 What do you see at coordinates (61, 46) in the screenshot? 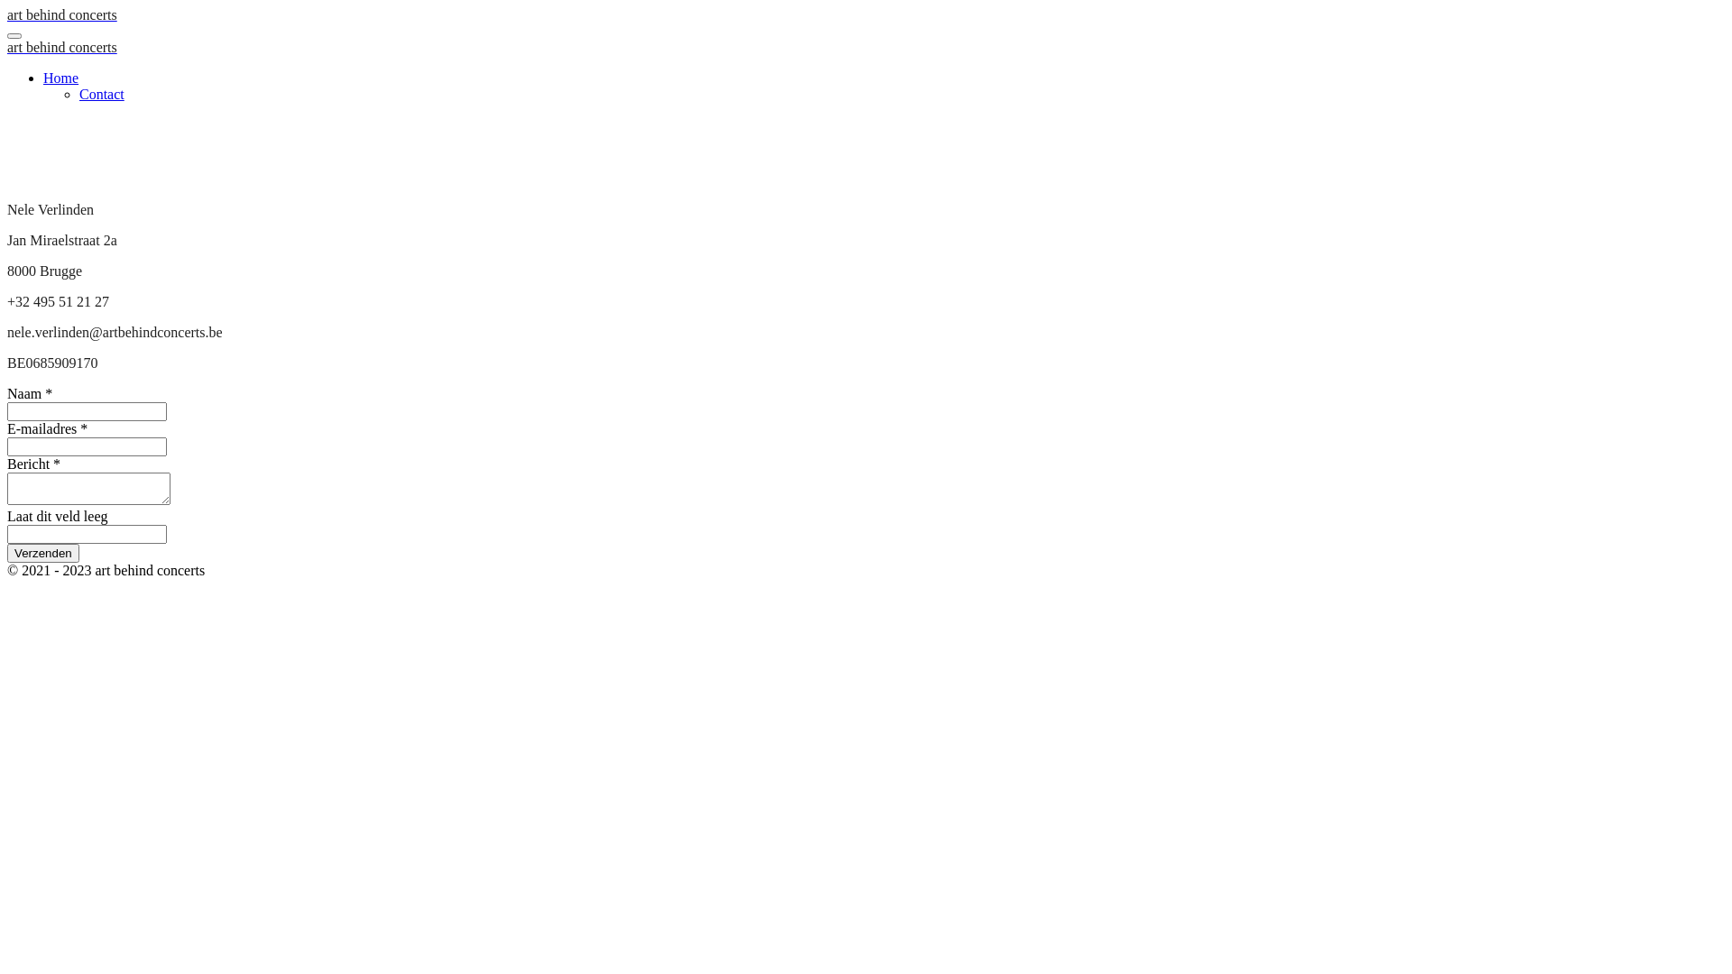
I see `'art behind concerts'` at bounding box center [61, 46].